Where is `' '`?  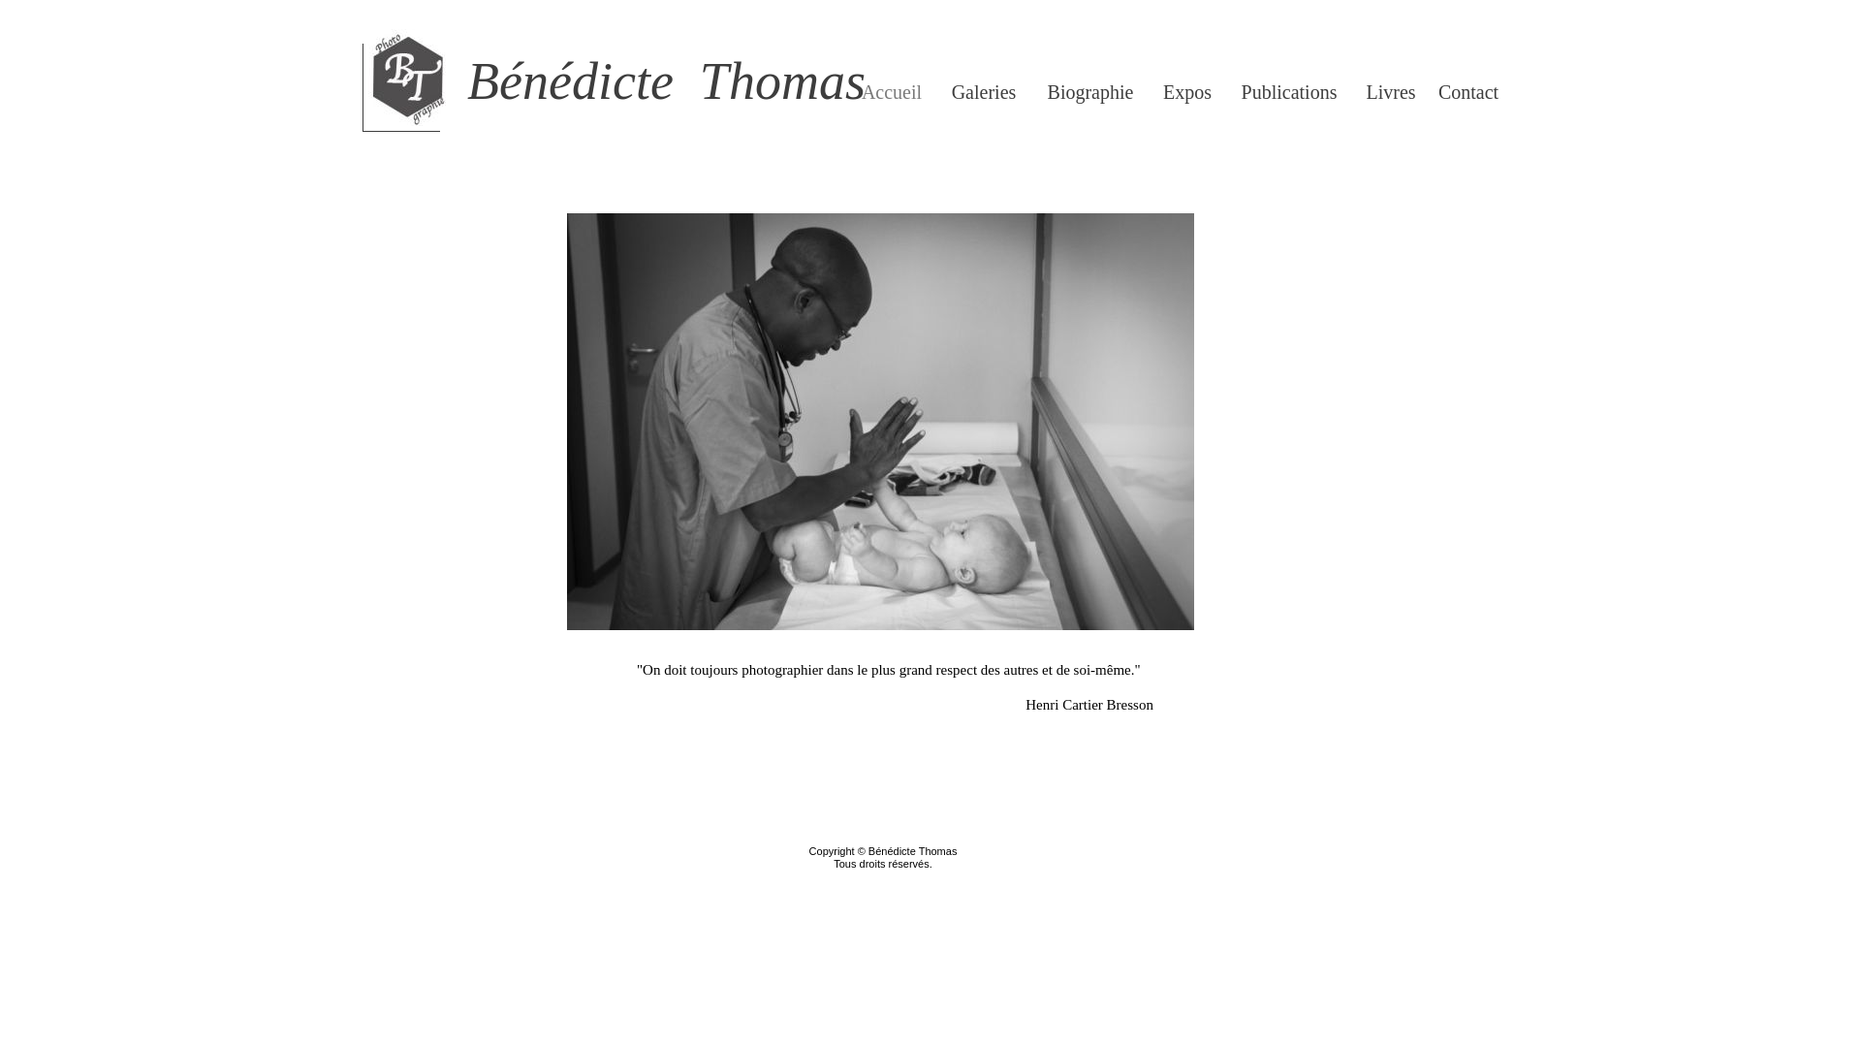 ' ' is located at coordinates (350, 9).